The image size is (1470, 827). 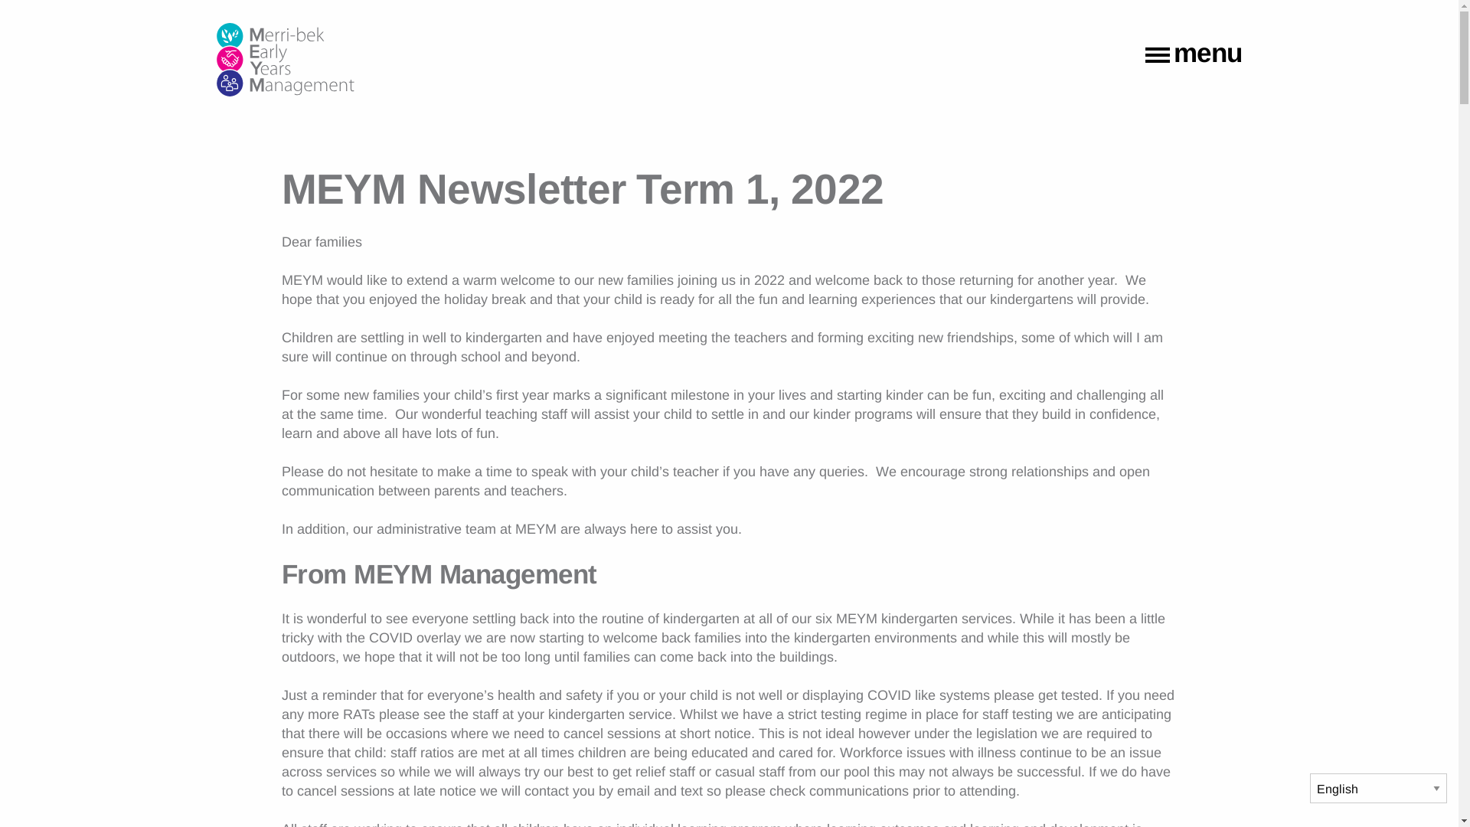 What do you see at coordinates (1193, 55) in the screenshot?
I see `'menu'` at bounding box center [1193, 55].